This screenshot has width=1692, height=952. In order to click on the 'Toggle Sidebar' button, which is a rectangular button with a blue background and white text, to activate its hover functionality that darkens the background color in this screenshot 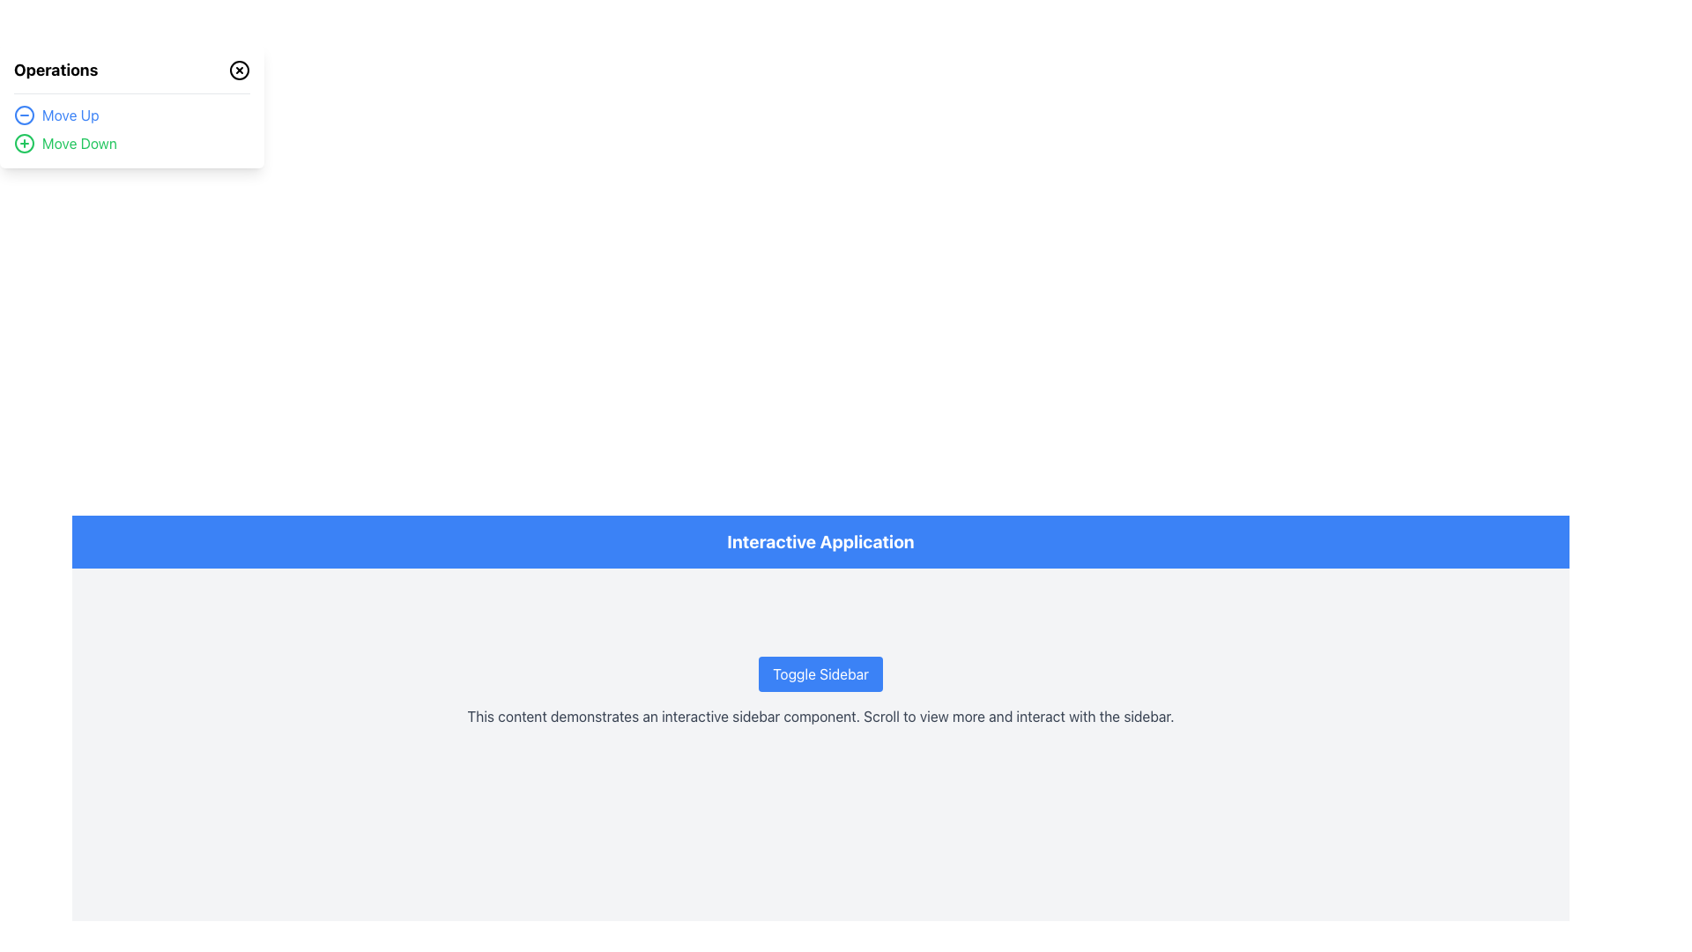, I will do `click(820, 673)`.